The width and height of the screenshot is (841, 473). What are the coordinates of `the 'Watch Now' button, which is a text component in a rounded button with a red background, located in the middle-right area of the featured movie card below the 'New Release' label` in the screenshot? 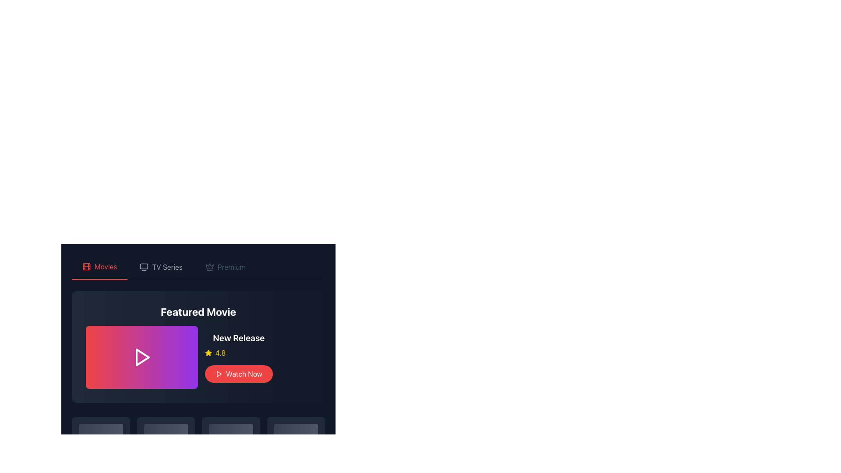 It's located at (244, 374).